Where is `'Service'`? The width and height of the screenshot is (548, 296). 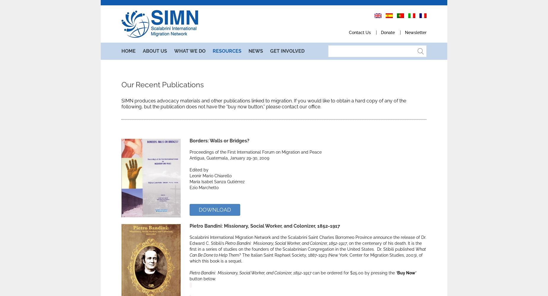 'Service' is located at coordinates (185, 72).